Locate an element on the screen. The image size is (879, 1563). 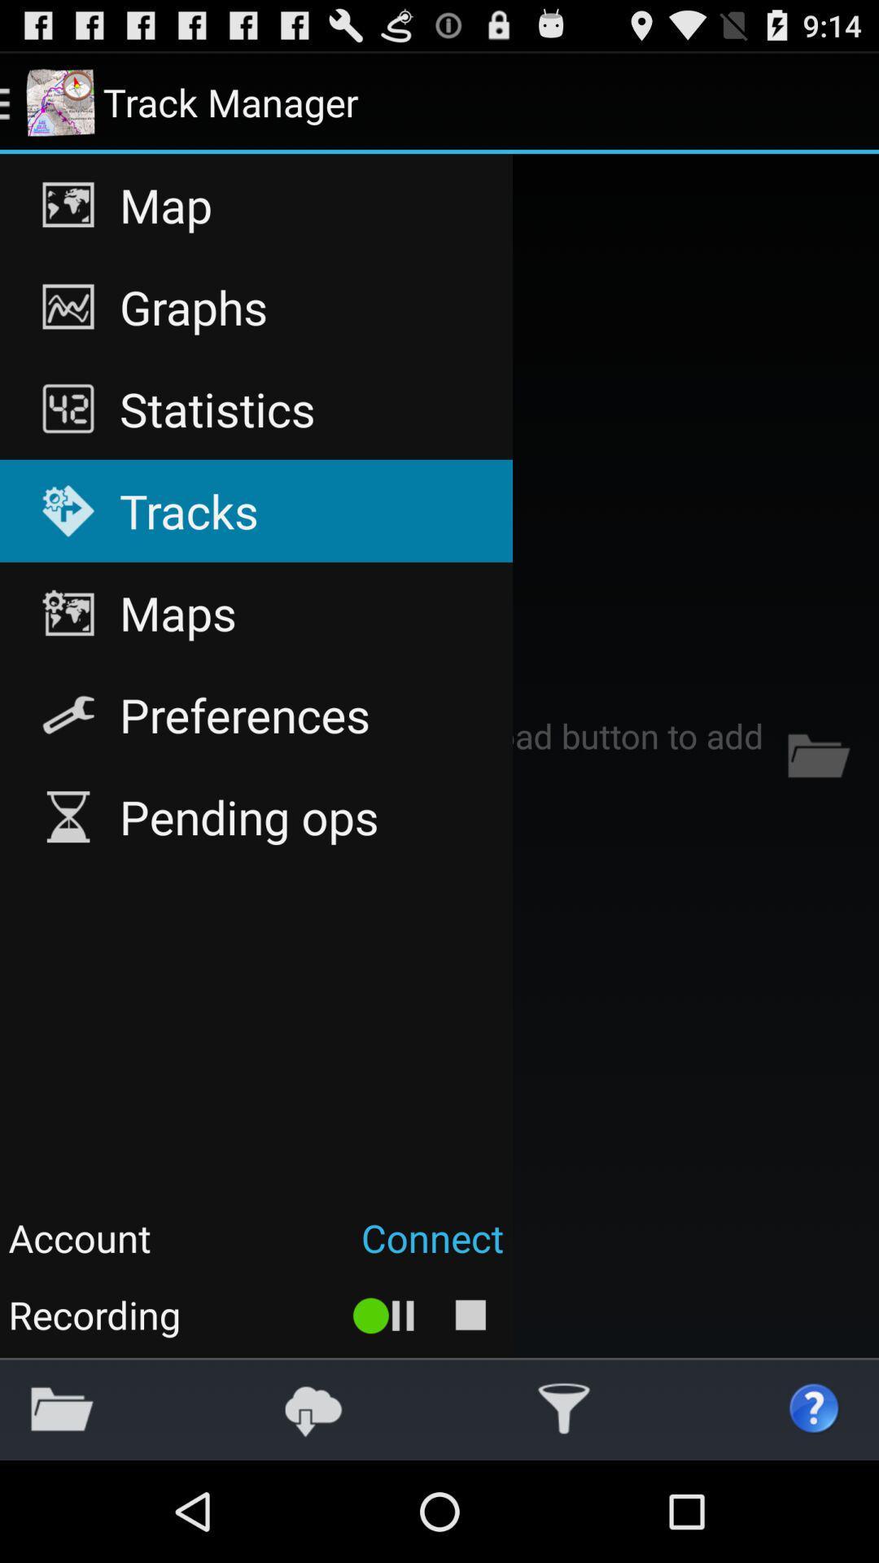
statistics item is located at coordinates (256, 409).